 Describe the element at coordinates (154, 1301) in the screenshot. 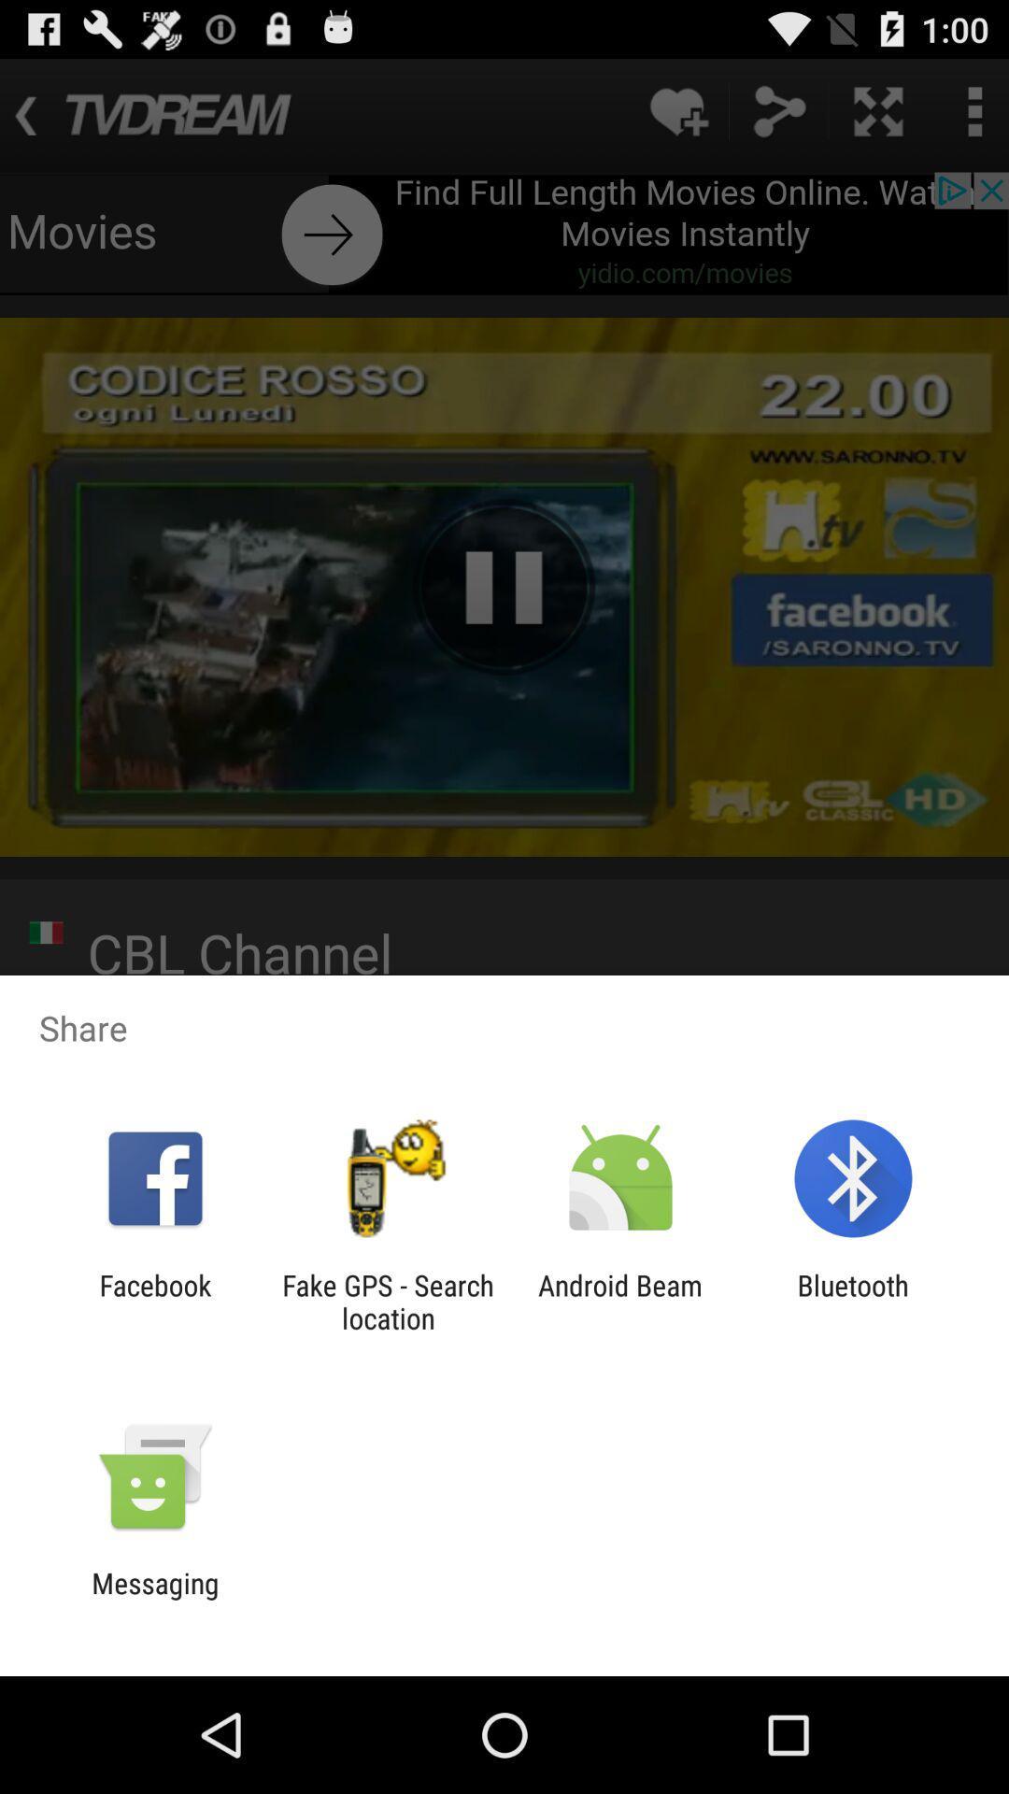

I see `facebook` at that location.